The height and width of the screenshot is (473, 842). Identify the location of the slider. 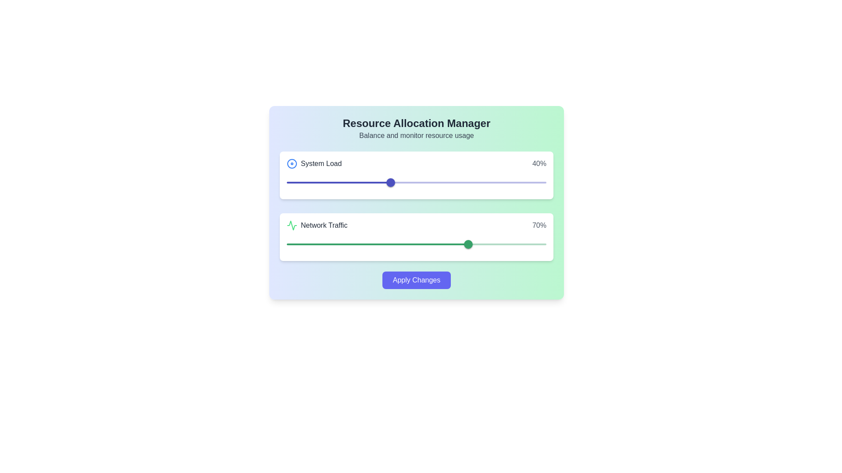
(418, 182).